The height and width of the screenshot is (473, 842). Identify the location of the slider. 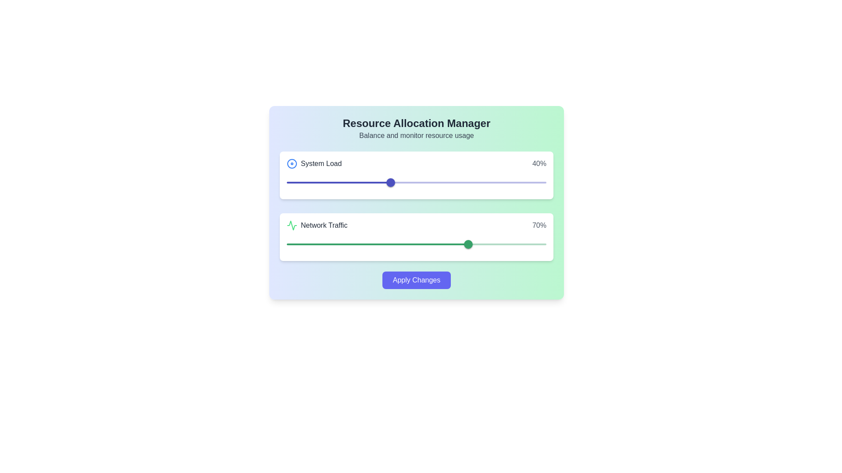
(418, 182).